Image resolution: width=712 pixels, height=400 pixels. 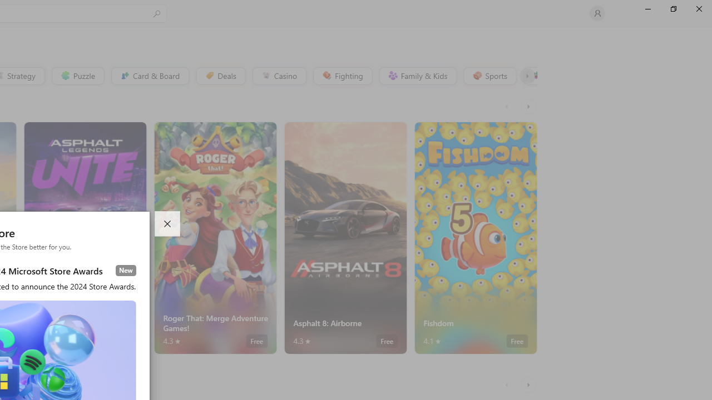 I want to click on 'Fighting', so click(x=342, y=75).